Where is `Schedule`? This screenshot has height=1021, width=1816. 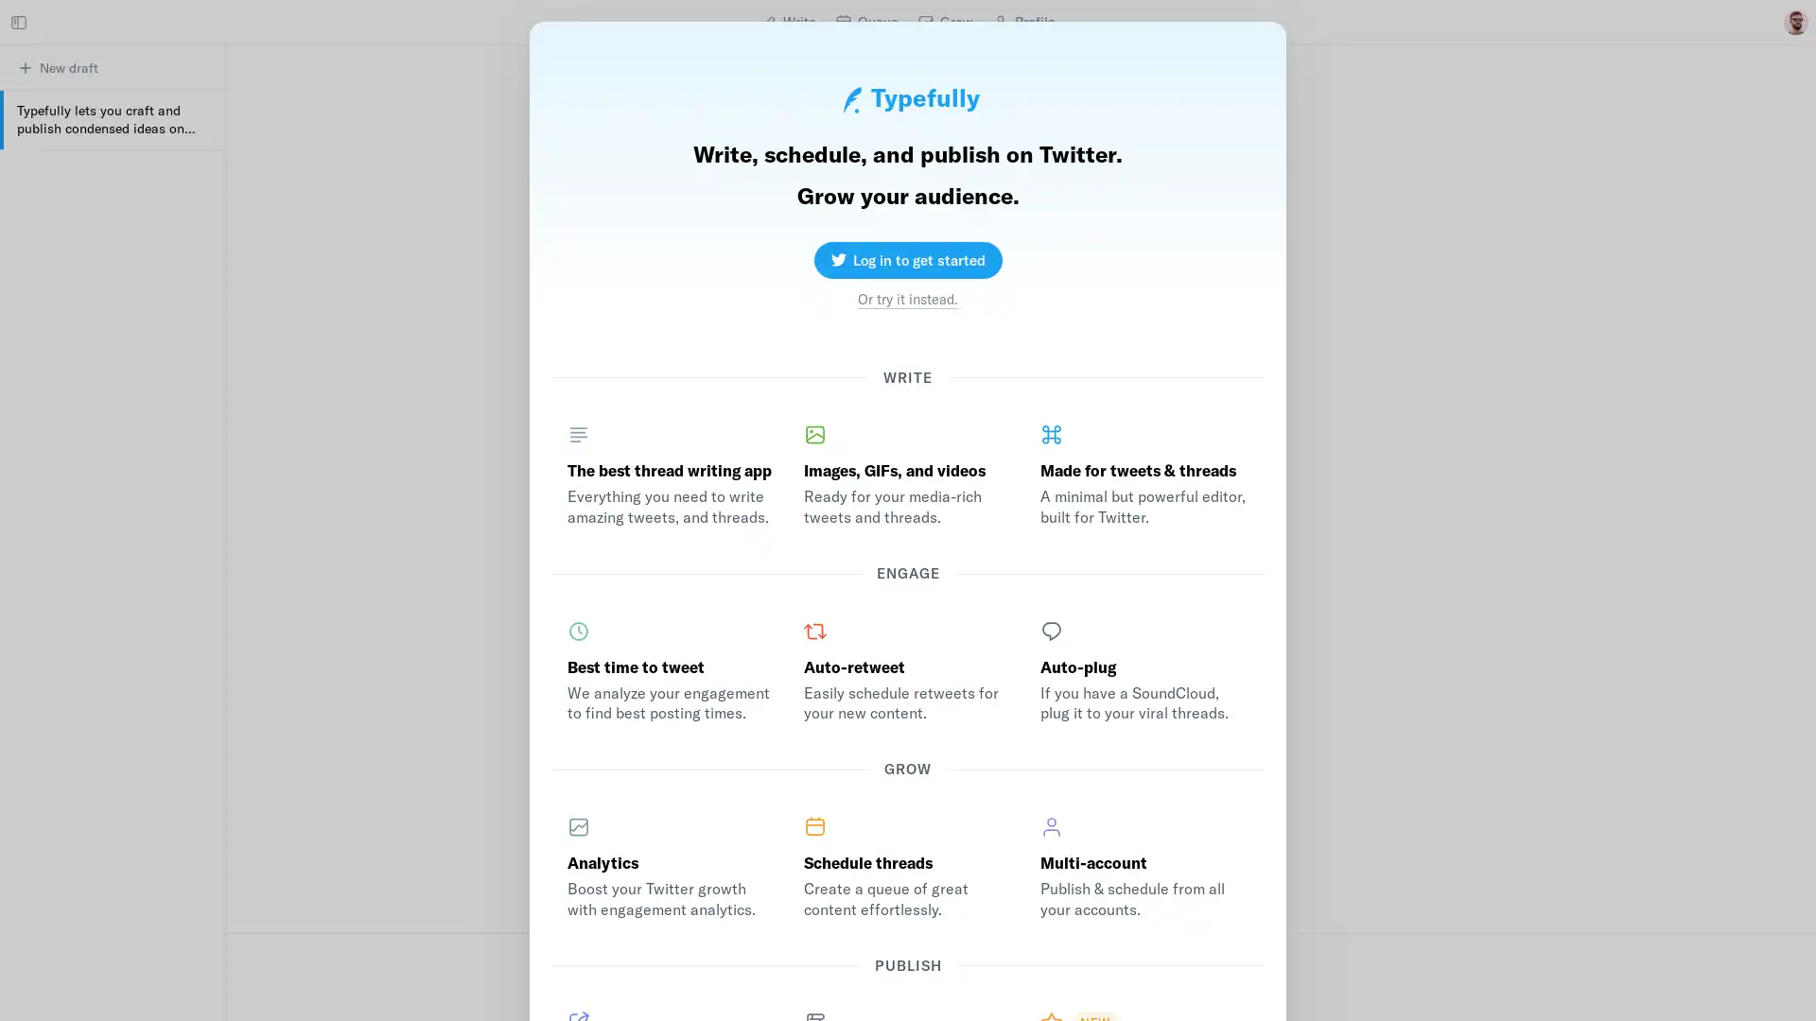
Schedule is located at coordinates (892, 991).